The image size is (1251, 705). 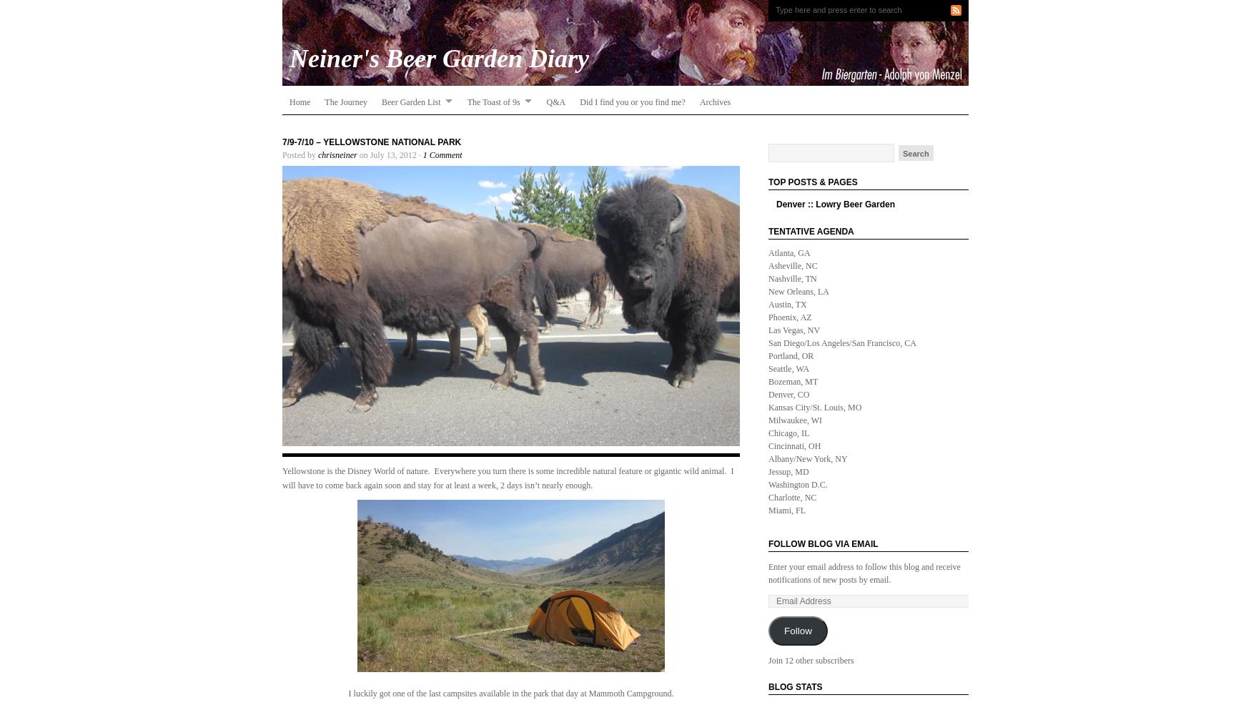 I want to click on 'Denver, CO', so click(x=788, y=393).